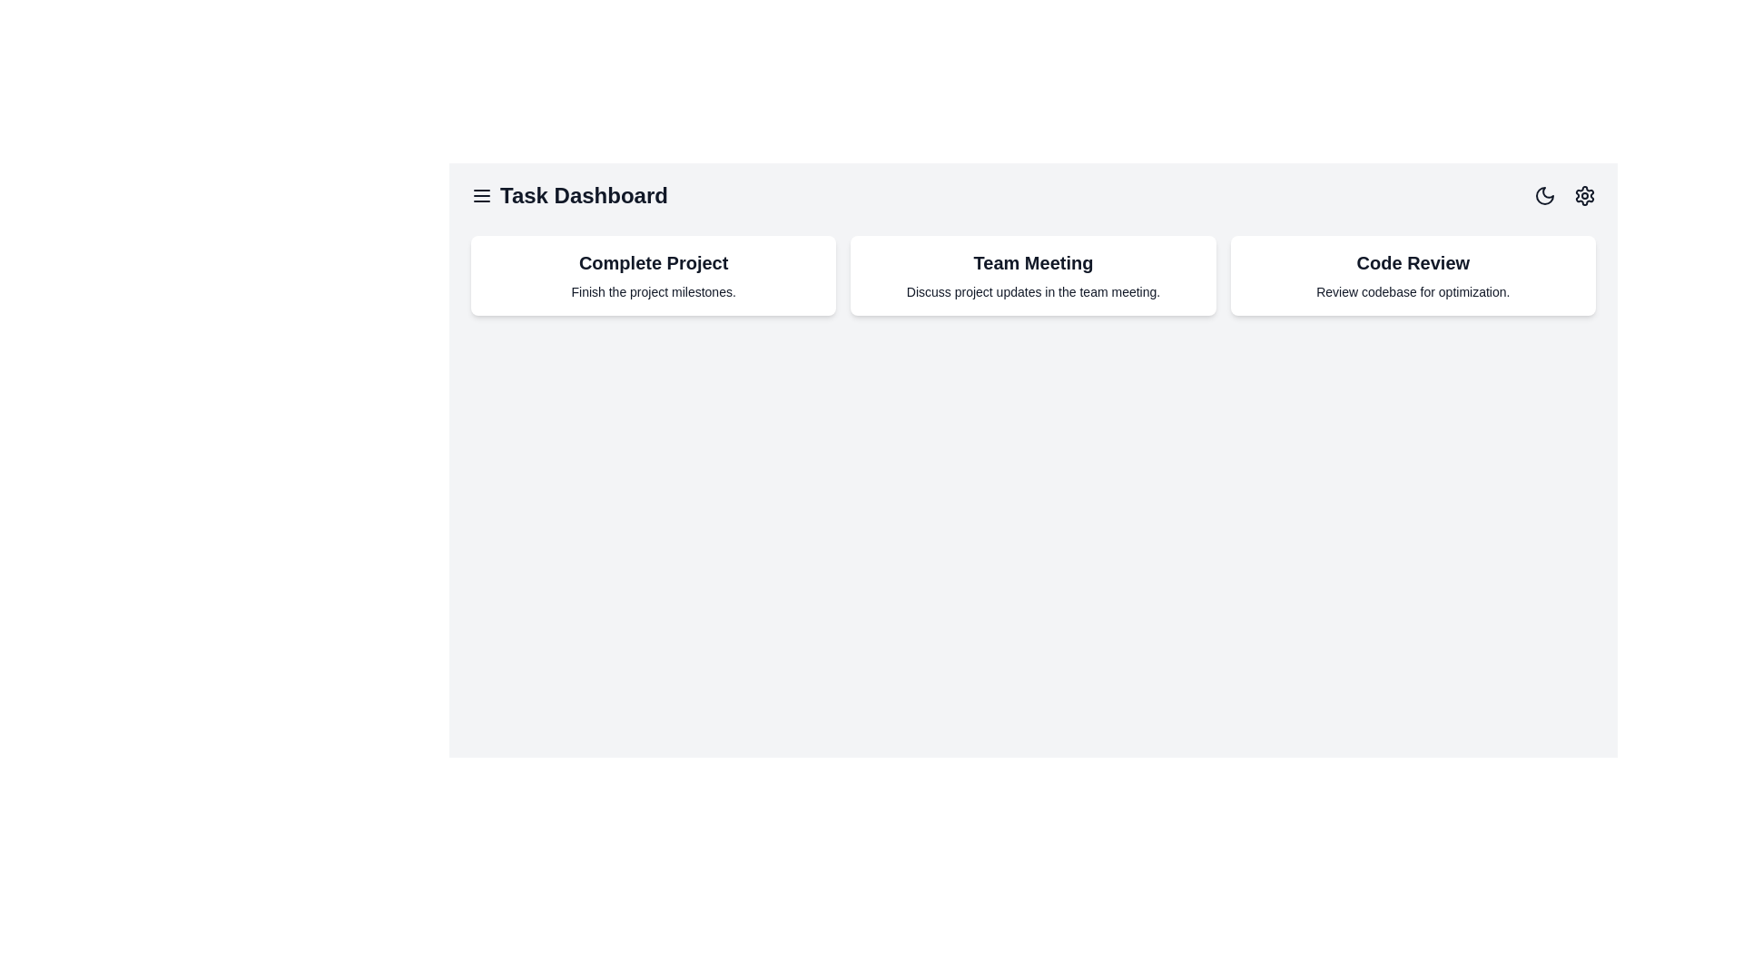 The image size is (1743, 980). Describe the element at coordinates (568, 196) in the screenshot. I see `the header text element located in the top left corner of the display, which serves as a link for the current section` at that location.